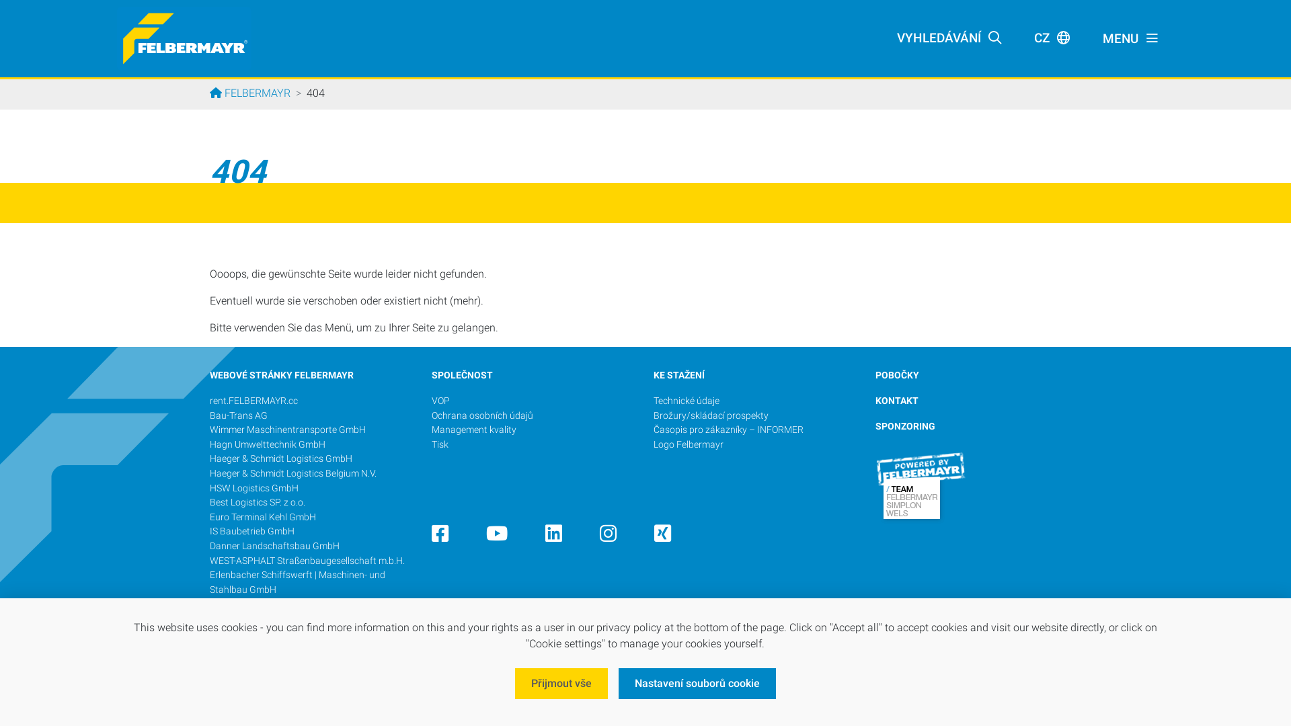  What do you see at coordinates (268, 444) in the screenshot?
I see `'Hagn Umwelttechnik GmbH'` at bounding box center [268, 444].